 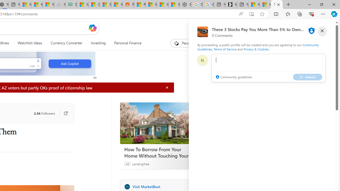 I want to click on 'comment-box', so click(x=269, y=68).